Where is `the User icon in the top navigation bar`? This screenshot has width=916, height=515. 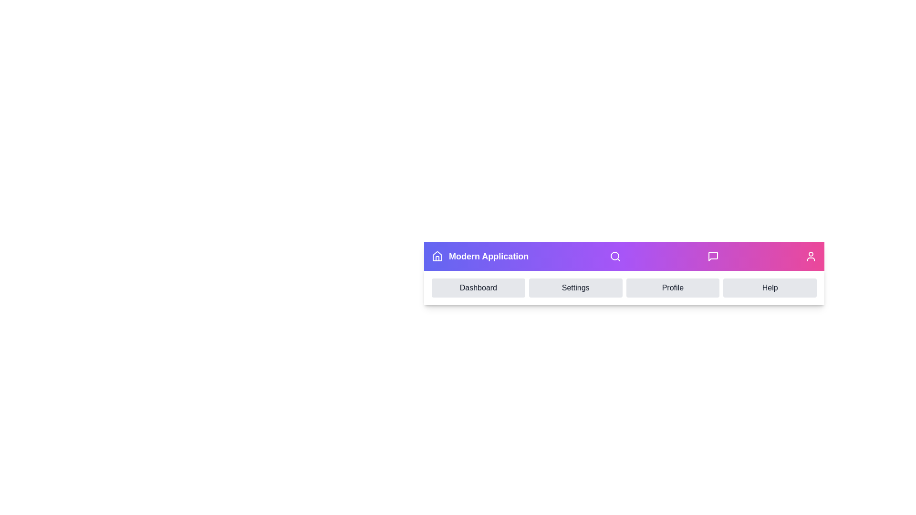
the User icon in the top navigation bar is located at coordinates (810, 256).